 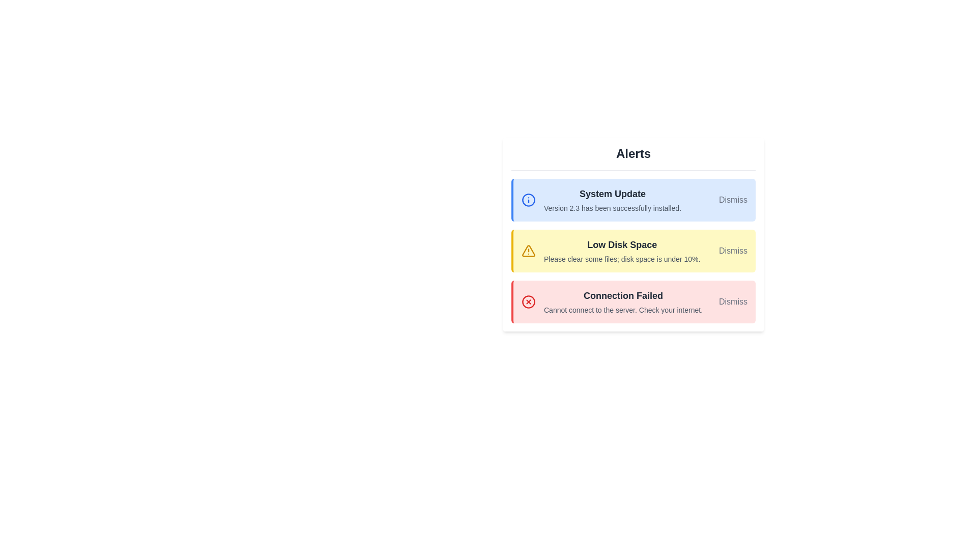 I want to click on the dismiss button located in the lower right corner of the 'Connection Failed' notification box, so click(x=733, y=301).